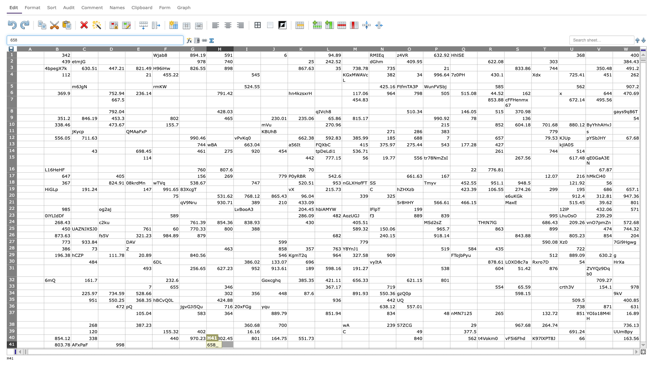 This screenshot has height=365, width=650. I want to click on left border of I41, so click(234, 344).